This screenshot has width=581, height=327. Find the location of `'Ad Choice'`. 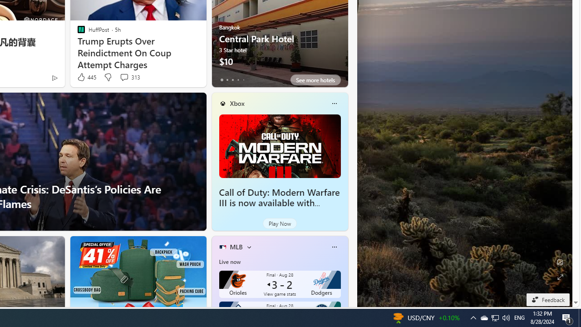

'Ad Choice' is located at coordinates (54, 77).